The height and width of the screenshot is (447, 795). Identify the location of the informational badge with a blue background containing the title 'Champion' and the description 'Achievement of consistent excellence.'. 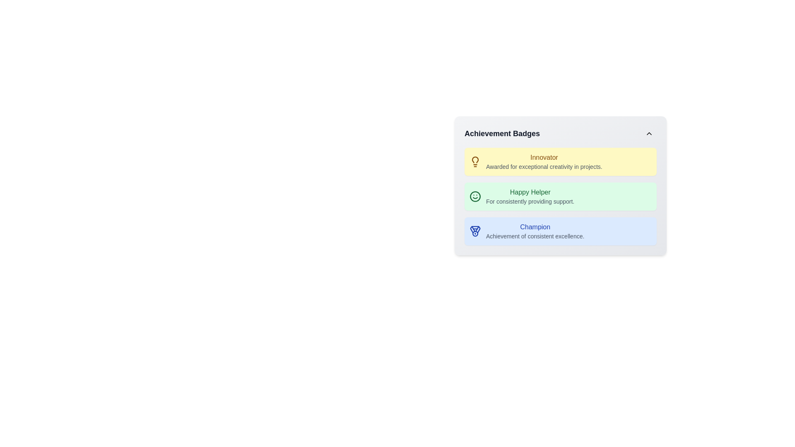
(560, 231).